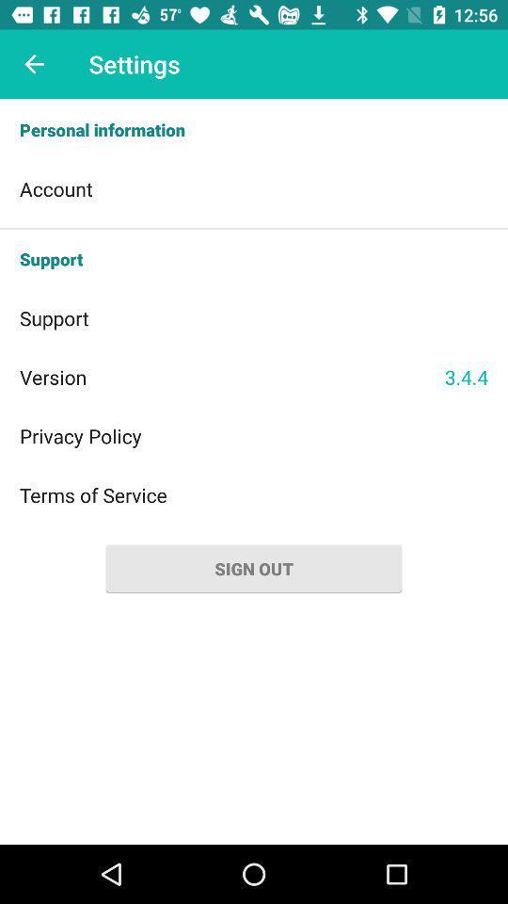  Describe the element at coordinates (254, 493) in the screenshot. I see `the icon below privacy policy item` at that location.